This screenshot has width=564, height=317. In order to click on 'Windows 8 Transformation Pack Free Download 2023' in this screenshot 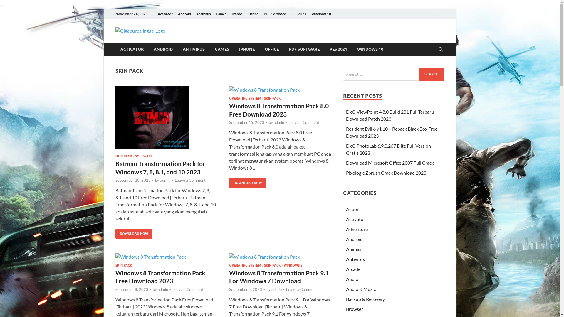, I will do `click(160, 276)`.